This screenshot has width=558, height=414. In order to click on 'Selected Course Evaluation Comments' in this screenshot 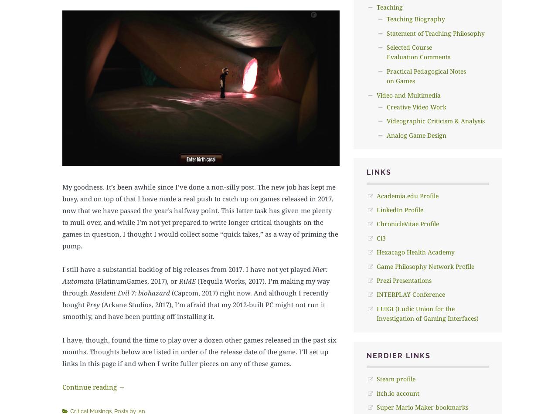, I will do `click(417, 52)`.